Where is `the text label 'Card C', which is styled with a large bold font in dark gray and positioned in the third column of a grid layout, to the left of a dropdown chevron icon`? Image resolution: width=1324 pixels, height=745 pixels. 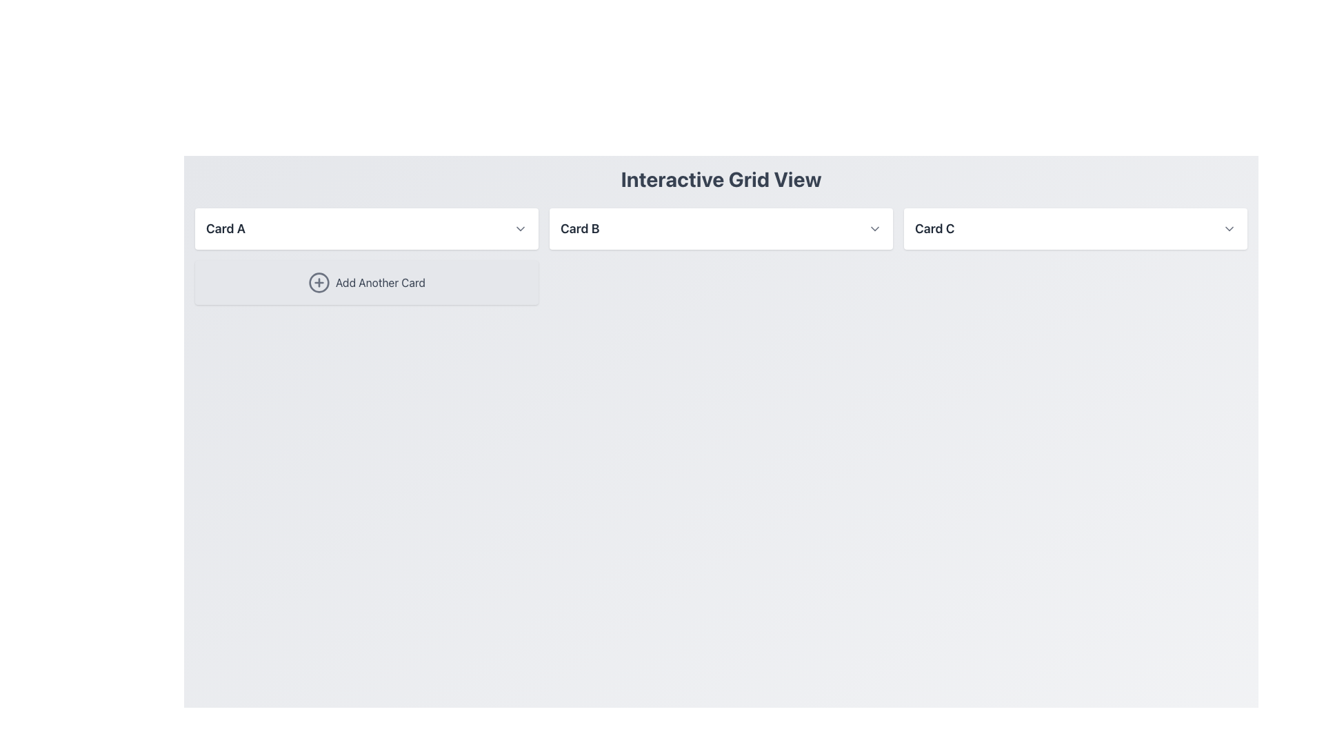 the text label 'Card C', which is styled with a large bold font in dark gray and positioned in the third column of a grid layout, to the left of a dropdown chevron icon is located at coordinates (934, 228).